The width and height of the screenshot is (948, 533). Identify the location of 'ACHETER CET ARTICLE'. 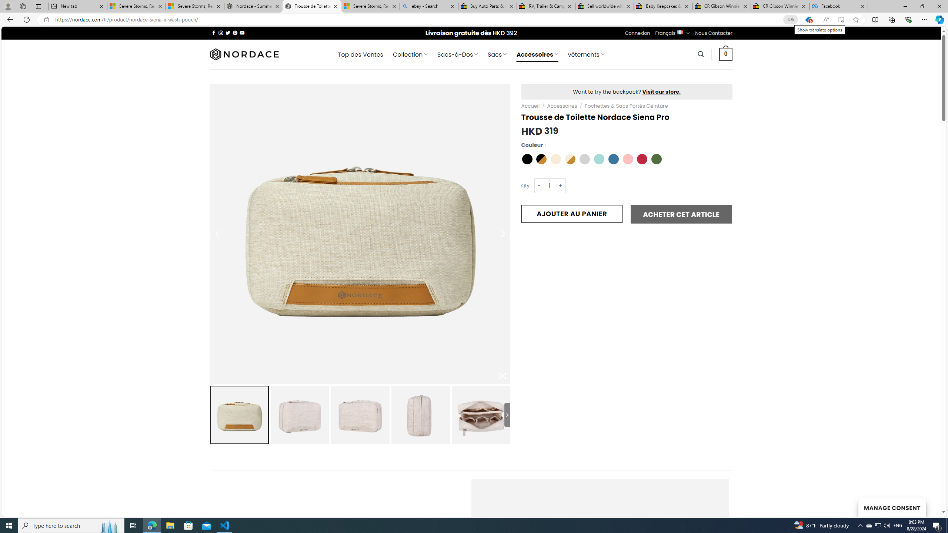
(681, 214).